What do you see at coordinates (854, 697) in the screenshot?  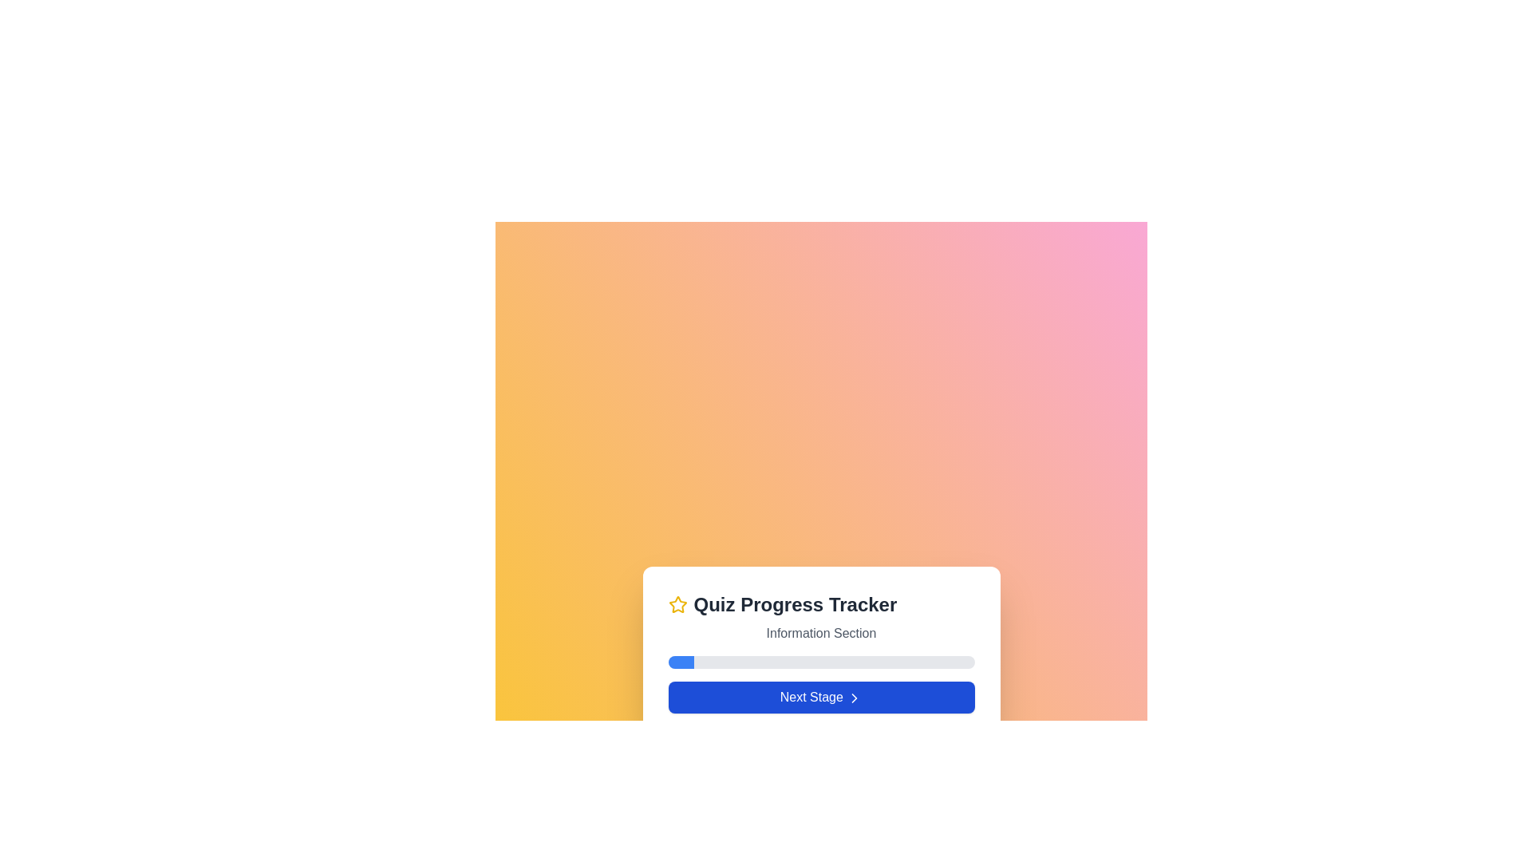 I see `the arrow icon located on the right side of the 'Next Stage' button in the 'Quiz Progress Tracker' card` at bounding box center [854, 697].